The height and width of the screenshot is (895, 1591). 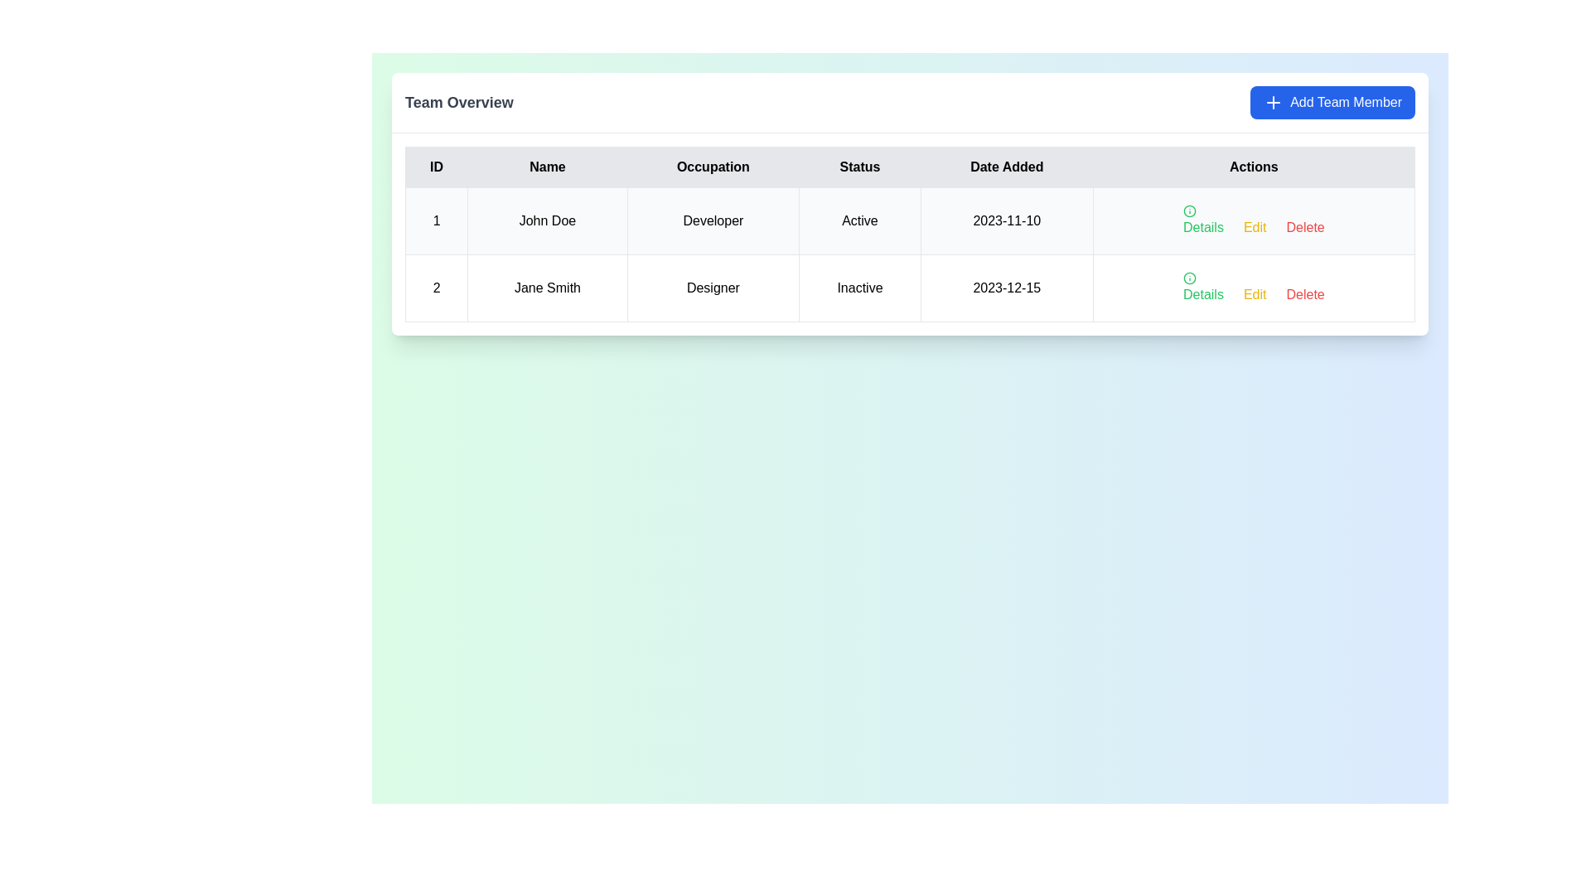 I want to click on the circular cross icon with a blue background located at the top-right corner of the page near the 'Add Team Member' button, so click(x=1273, y=102).